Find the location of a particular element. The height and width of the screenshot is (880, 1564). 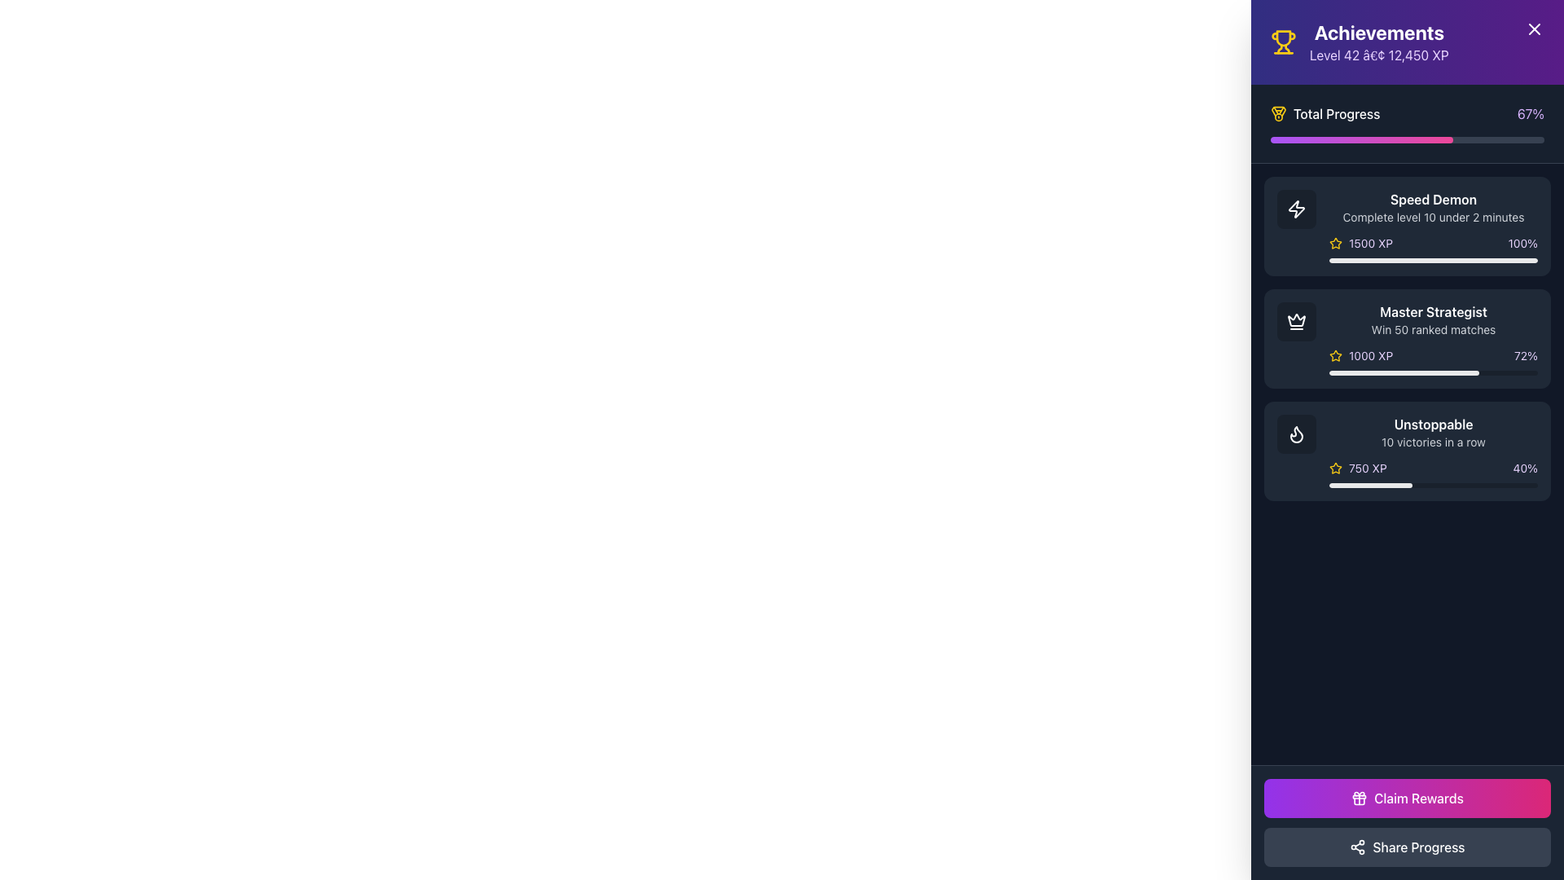

the Text Label displaying '67% progress', which indicates the percentage of task completion, located to the far right of the 'Total Progress' section is located at coordinates (1530, 112).